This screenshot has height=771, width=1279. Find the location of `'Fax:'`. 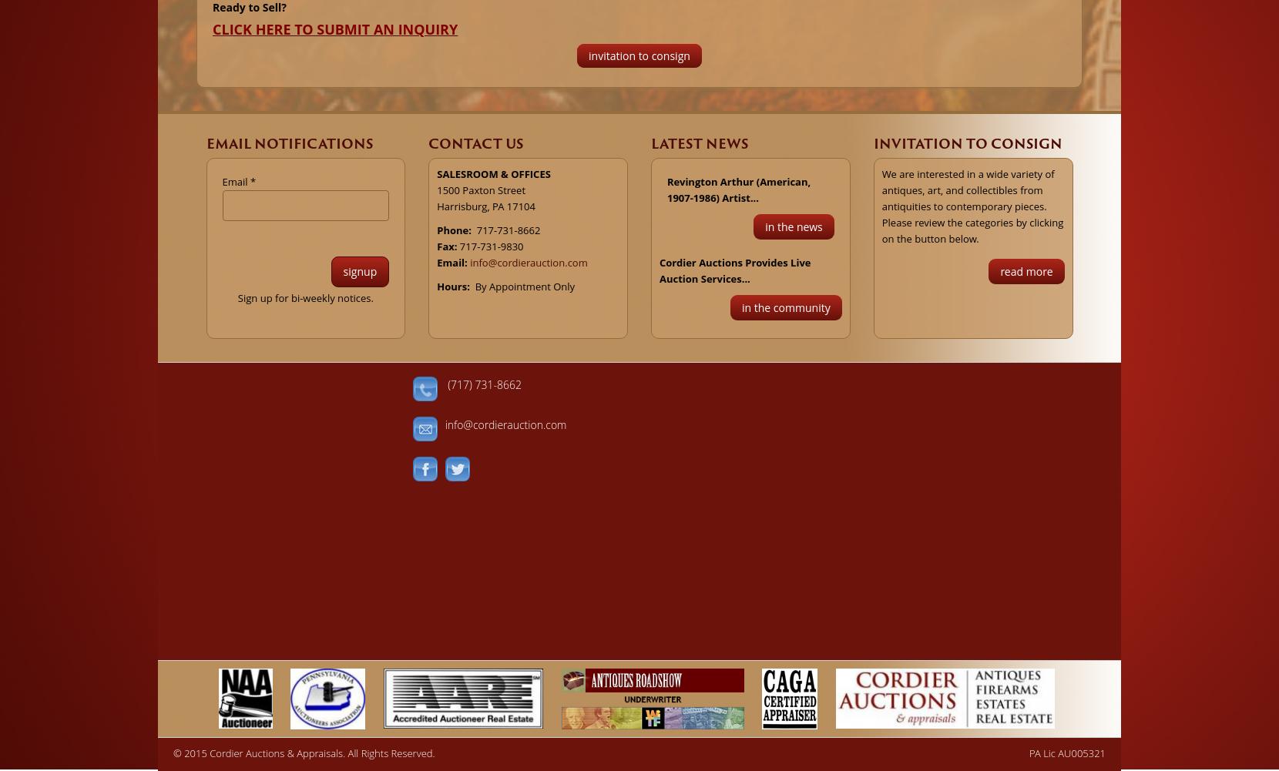

'Fax:' is located at coordinates (437, 246).